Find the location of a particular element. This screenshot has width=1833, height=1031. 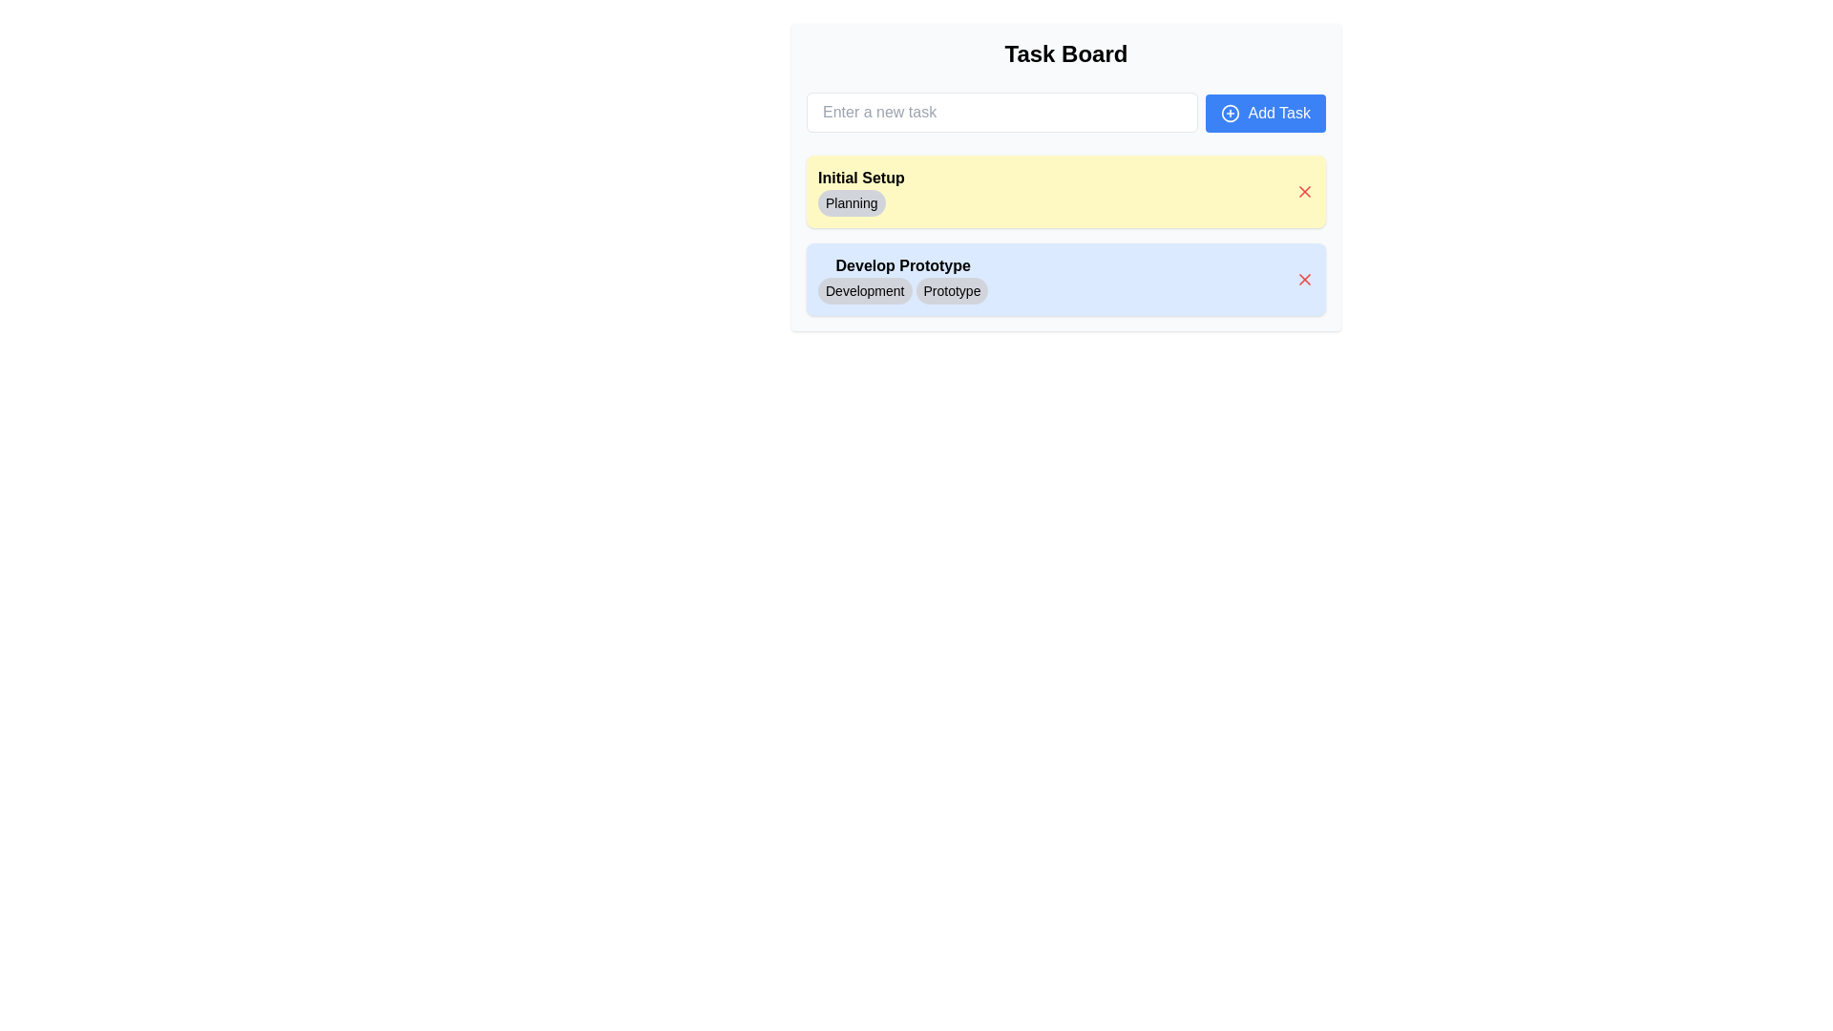

the circular icon with a plus sign located inside the 'Add Task' button is located at coordinates (1231, 114).